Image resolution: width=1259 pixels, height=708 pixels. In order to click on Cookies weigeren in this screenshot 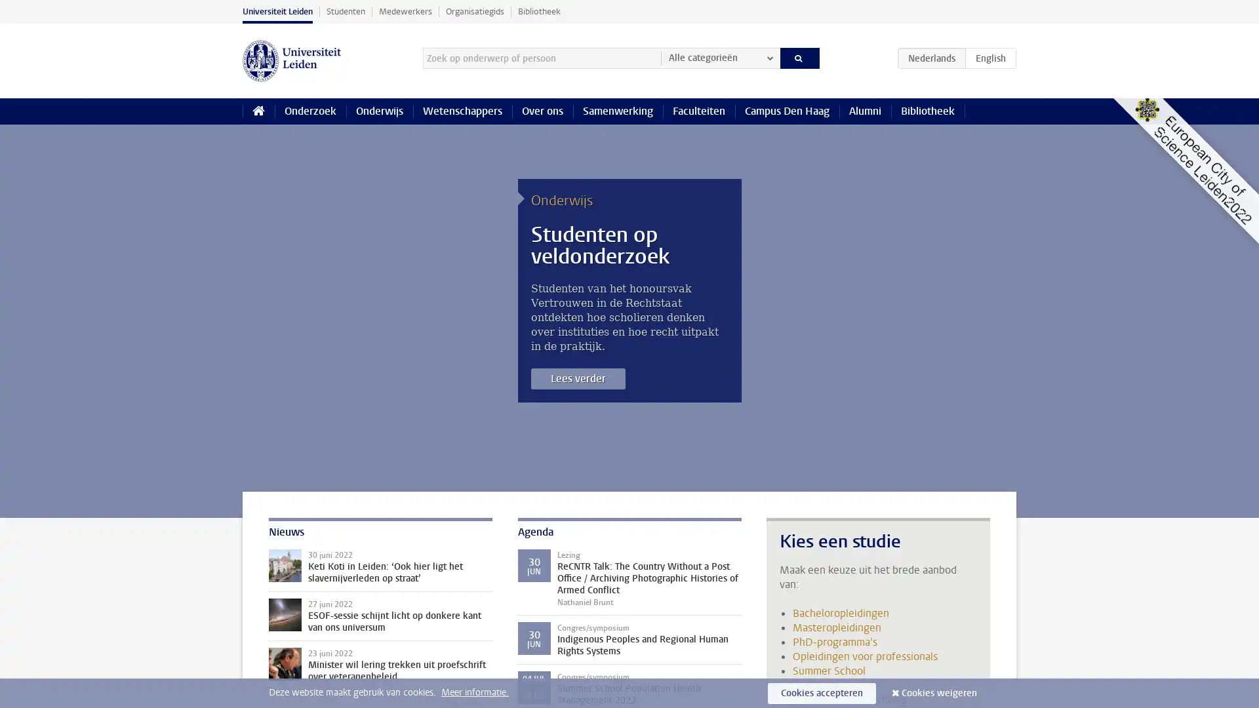, I will do `click(938, 692)`.